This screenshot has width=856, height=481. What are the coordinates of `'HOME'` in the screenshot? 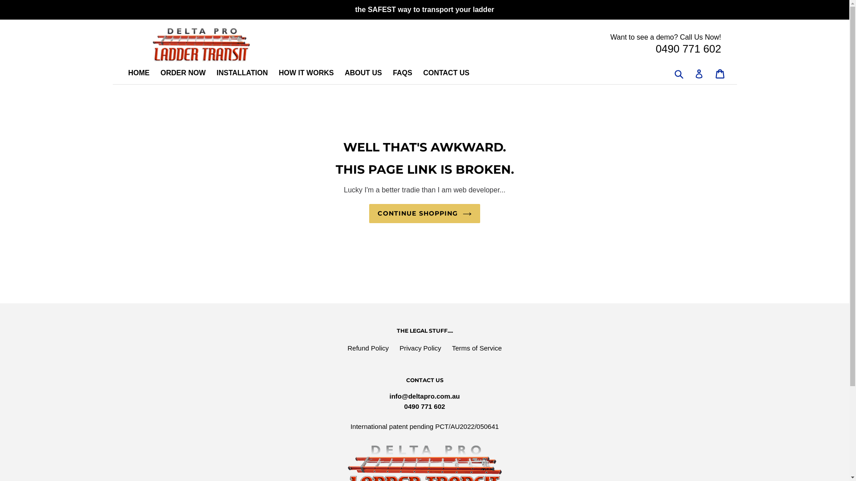 It's located at (143, 73).